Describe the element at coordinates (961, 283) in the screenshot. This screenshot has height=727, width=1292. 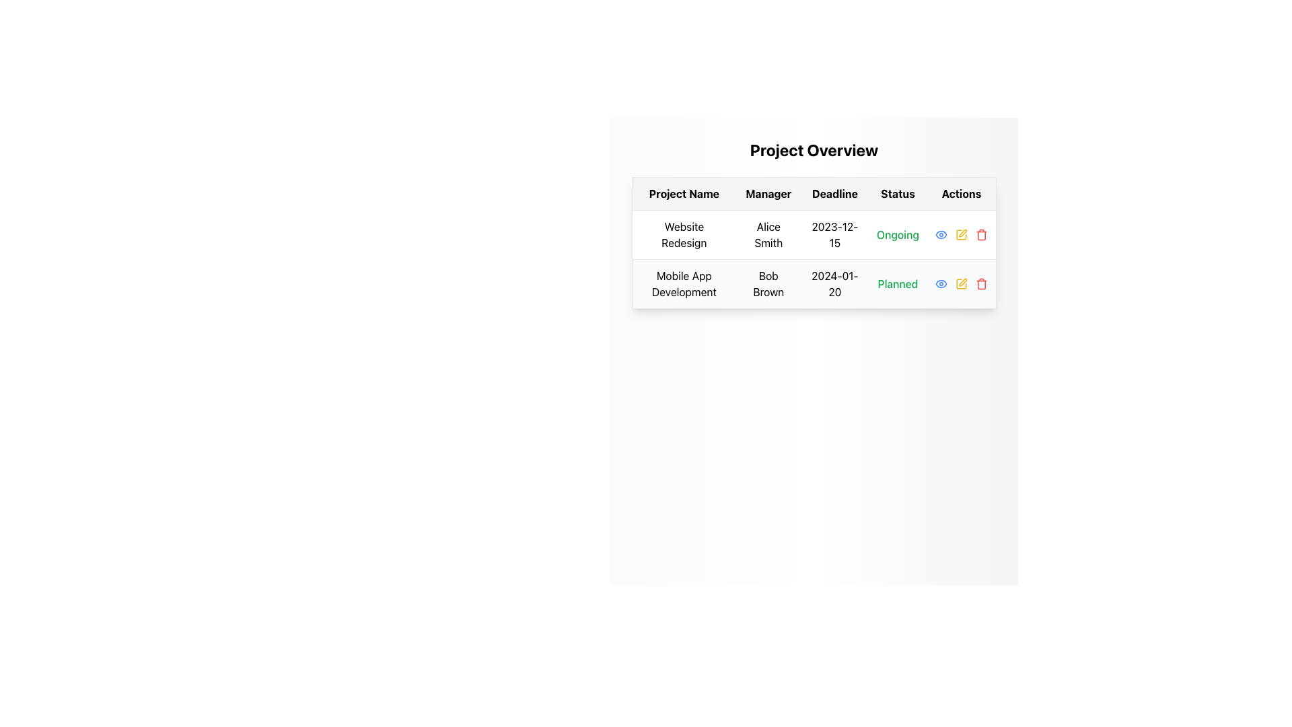
I see `the edit icon button in the 'Actions' section of the 'Project Overview' table` at that location.